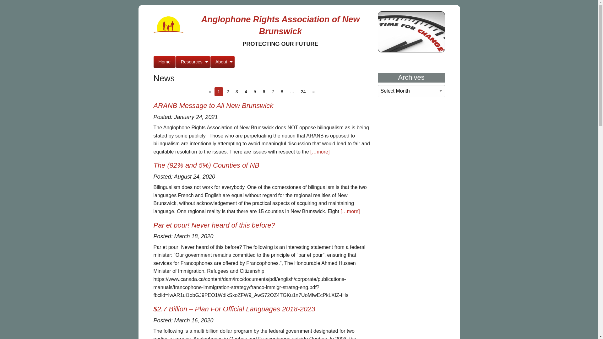 Image resolution: width=603 pixels, height=339 pixels. I want to click on 'Resources', so click(193, 62).